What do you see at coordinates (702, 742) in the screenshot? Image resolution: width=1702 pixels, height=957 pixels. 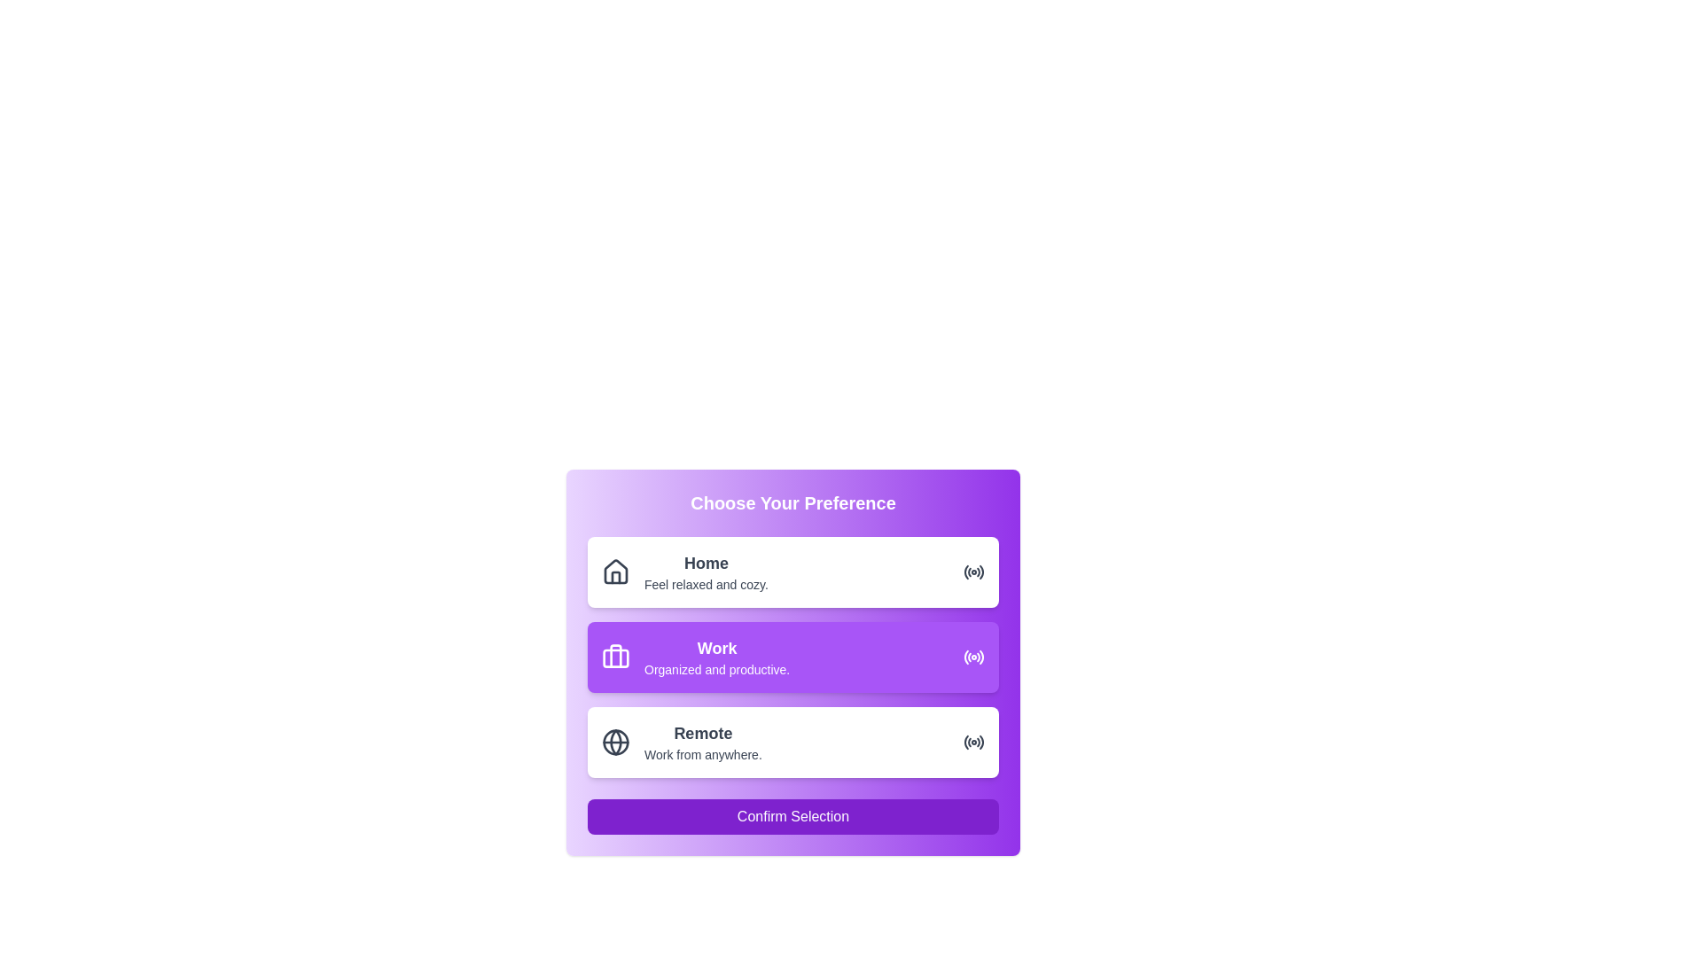 I see `the descriptive text label for the 'Remote' preference option located beneath the globe icon` at bounding box center [702, 742].